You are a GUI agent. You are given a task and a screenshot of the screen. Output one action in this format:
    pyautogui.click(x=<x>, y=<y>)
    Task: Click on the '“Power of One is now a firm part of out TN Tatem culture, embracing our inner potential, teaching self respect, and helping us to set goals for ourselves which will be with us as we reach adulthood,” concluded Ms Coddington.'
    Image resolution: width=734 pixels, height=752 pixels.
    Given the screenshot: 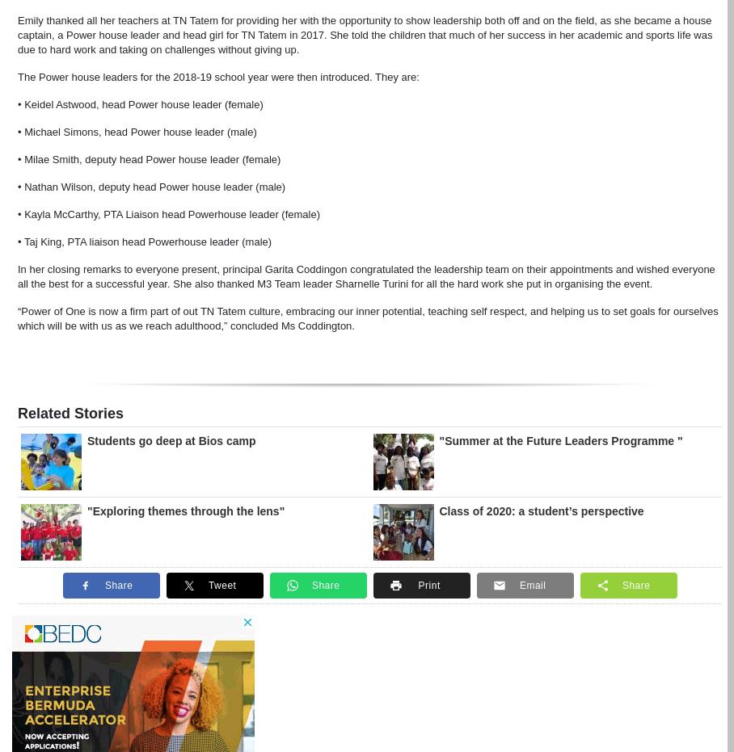 What is the action you would take?
    pyautogui.click(x=367, y=317)
    